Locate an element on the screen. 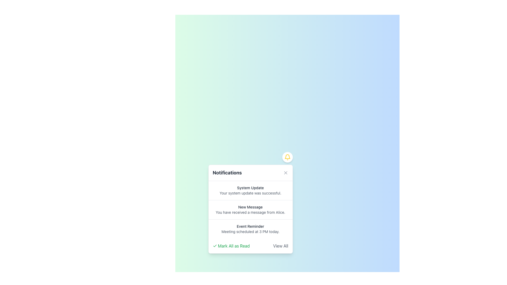  the bell icon located at the top-center area of the interface is located at coordinates (287, 157).